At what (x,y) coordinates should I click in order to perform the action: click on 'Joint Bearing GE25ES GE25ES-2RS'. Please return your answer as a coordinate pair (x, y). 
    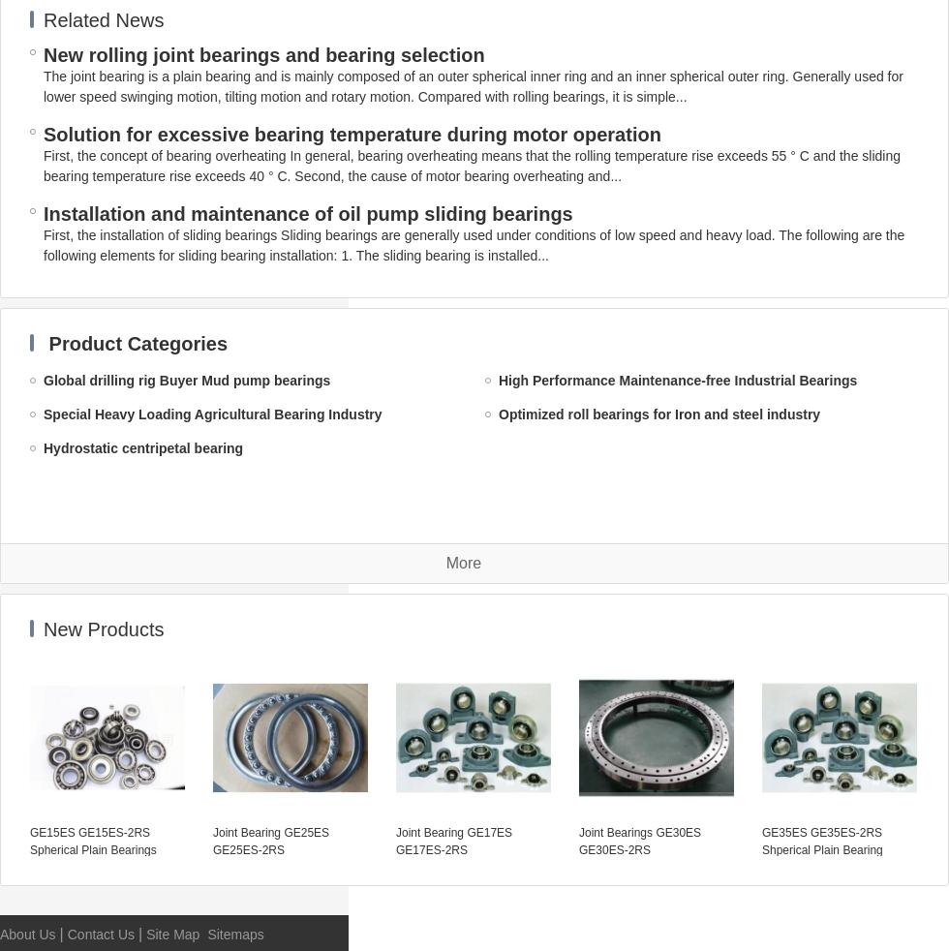
    Looking at the image, I should click on (270, 841).